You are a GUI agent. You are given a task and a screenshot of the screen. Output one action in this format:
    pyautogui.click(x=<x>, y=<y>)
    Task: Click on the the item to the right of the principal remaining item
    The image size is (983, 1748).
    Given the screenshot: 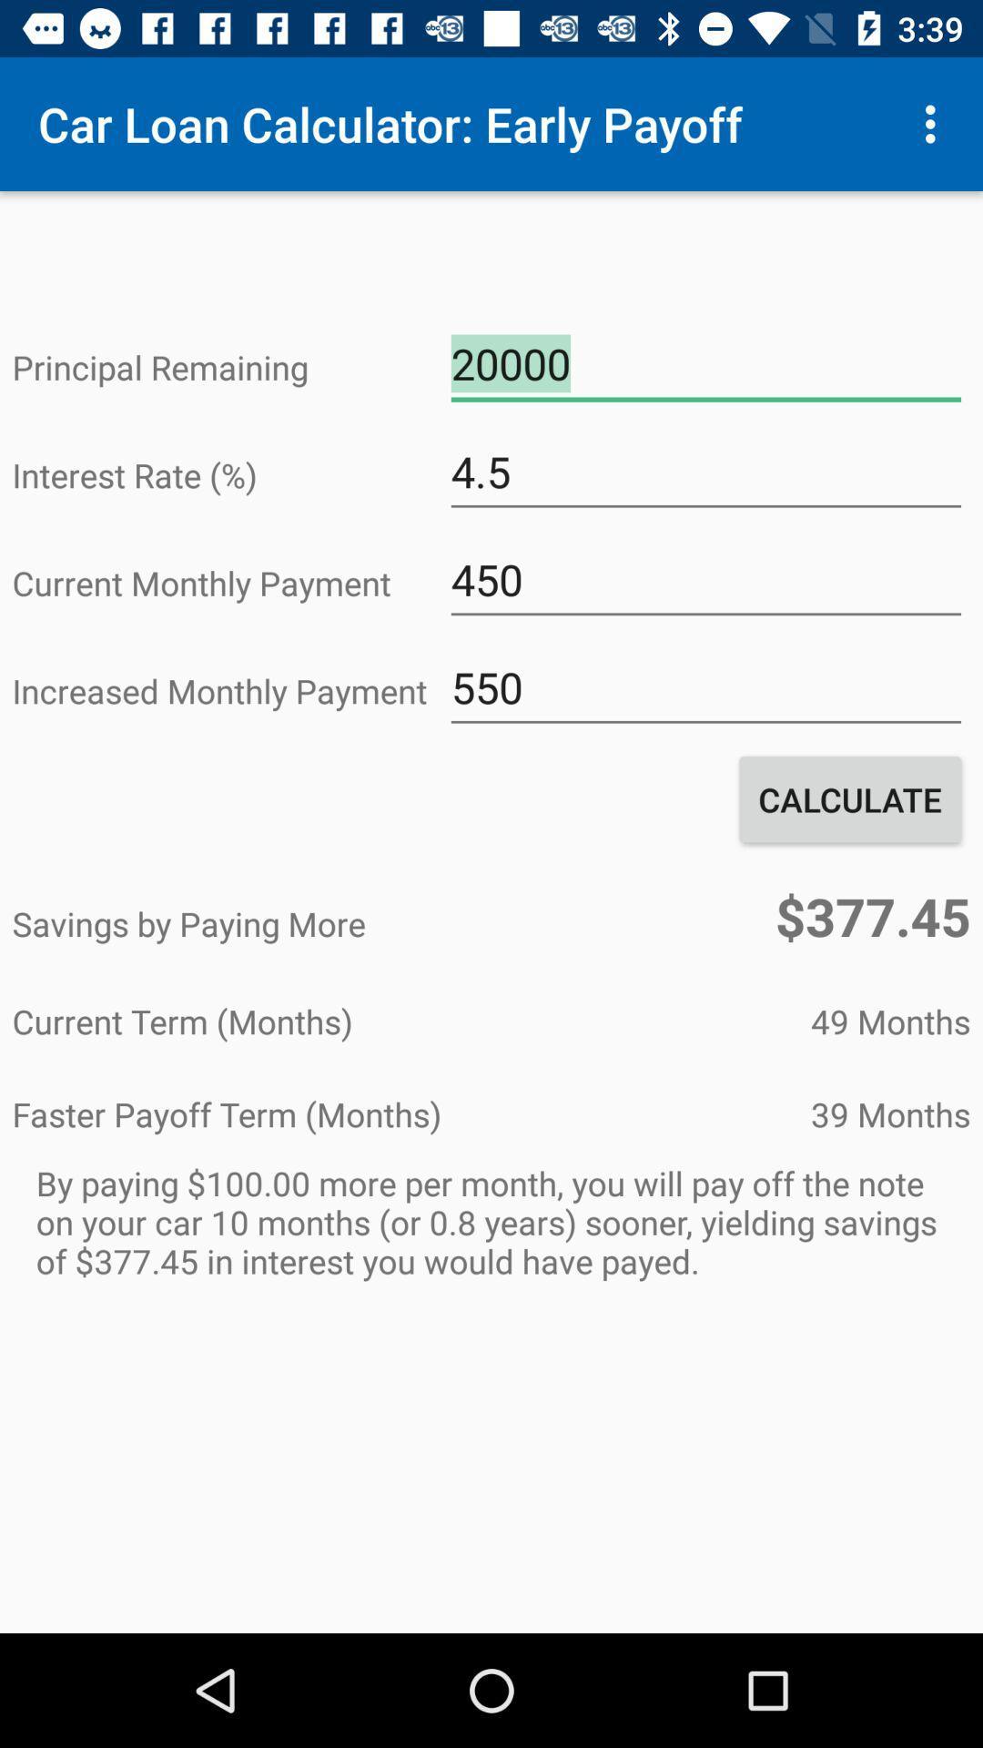 What is the action you would take?
    pyautogui.click(x=704, y=364)
    